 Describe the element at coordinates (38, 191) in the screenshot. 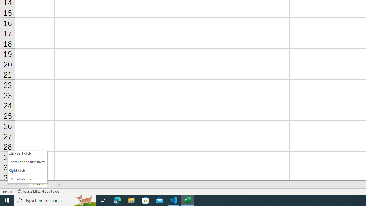

I see `'Accessibility Checker Accessibility: Good to go'` at that location.